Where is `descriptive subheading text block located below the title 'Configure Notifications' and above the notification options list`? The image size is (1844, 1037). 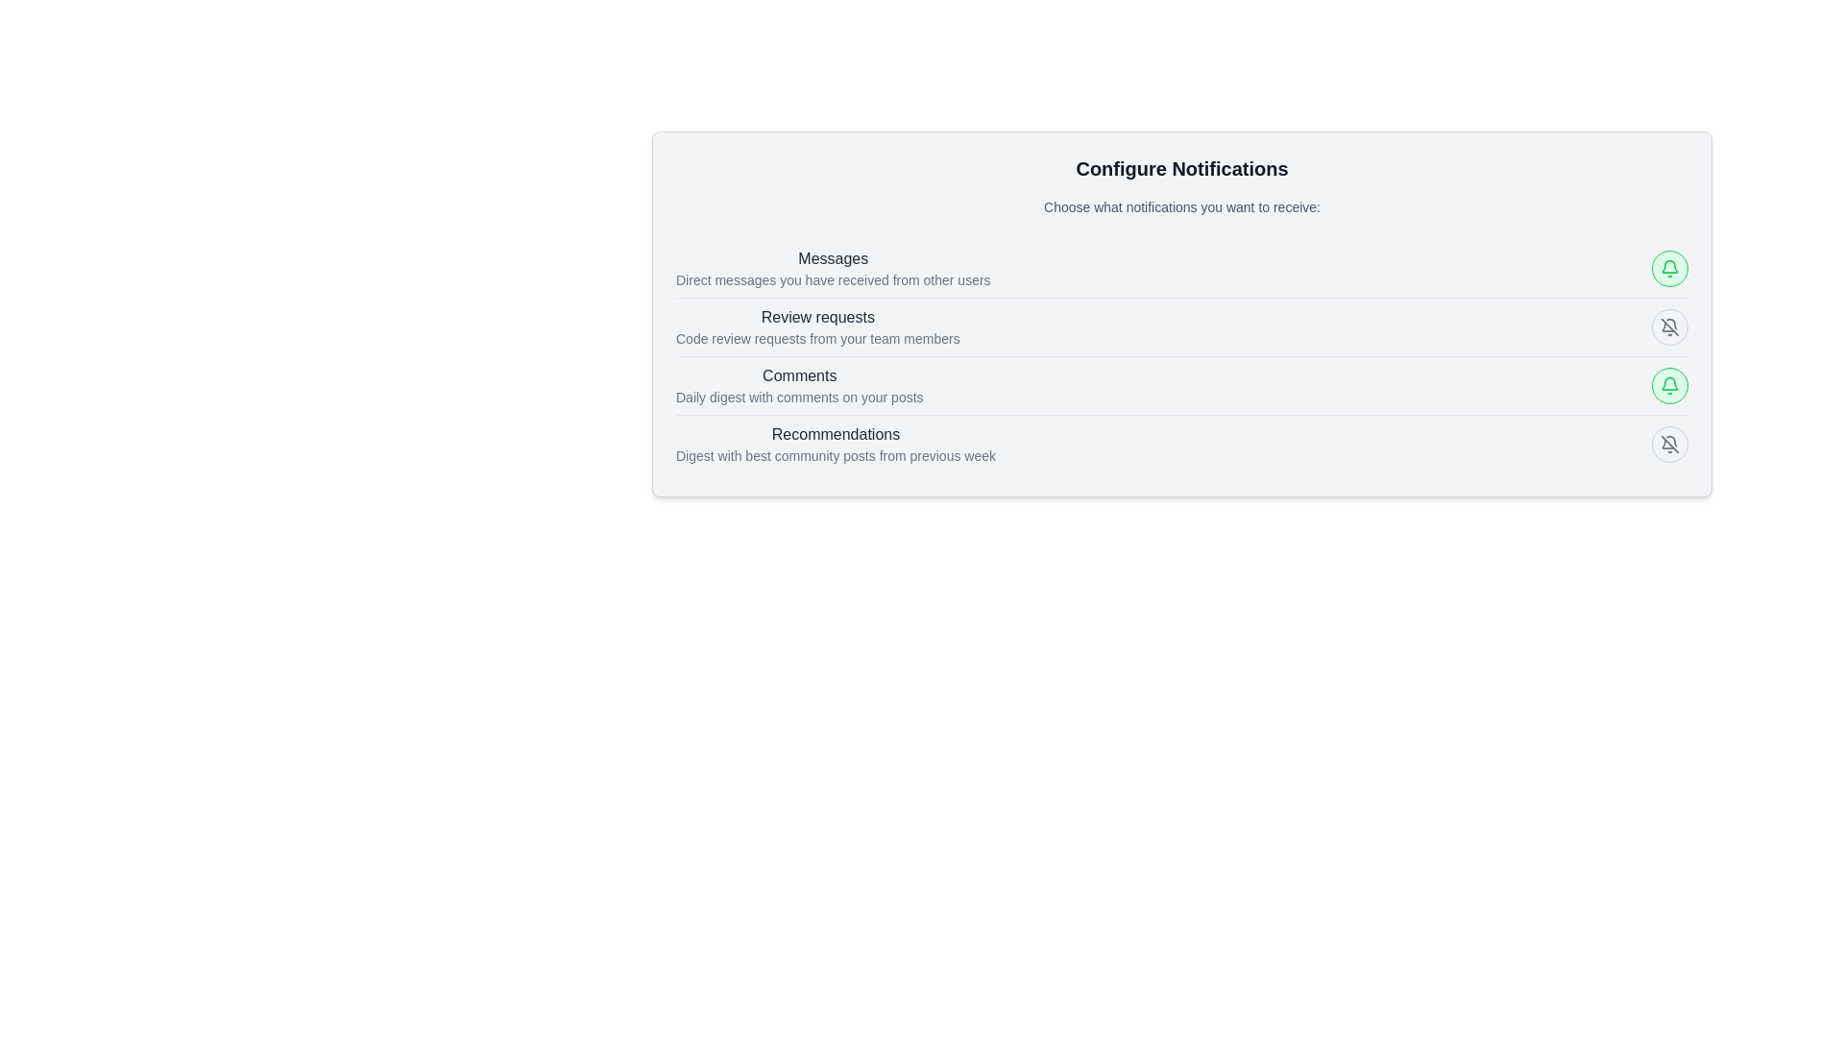 descriptive subheading text block located below the title 'Configure Notifications' and above the notification options list is located at coordinates (1180, 207).